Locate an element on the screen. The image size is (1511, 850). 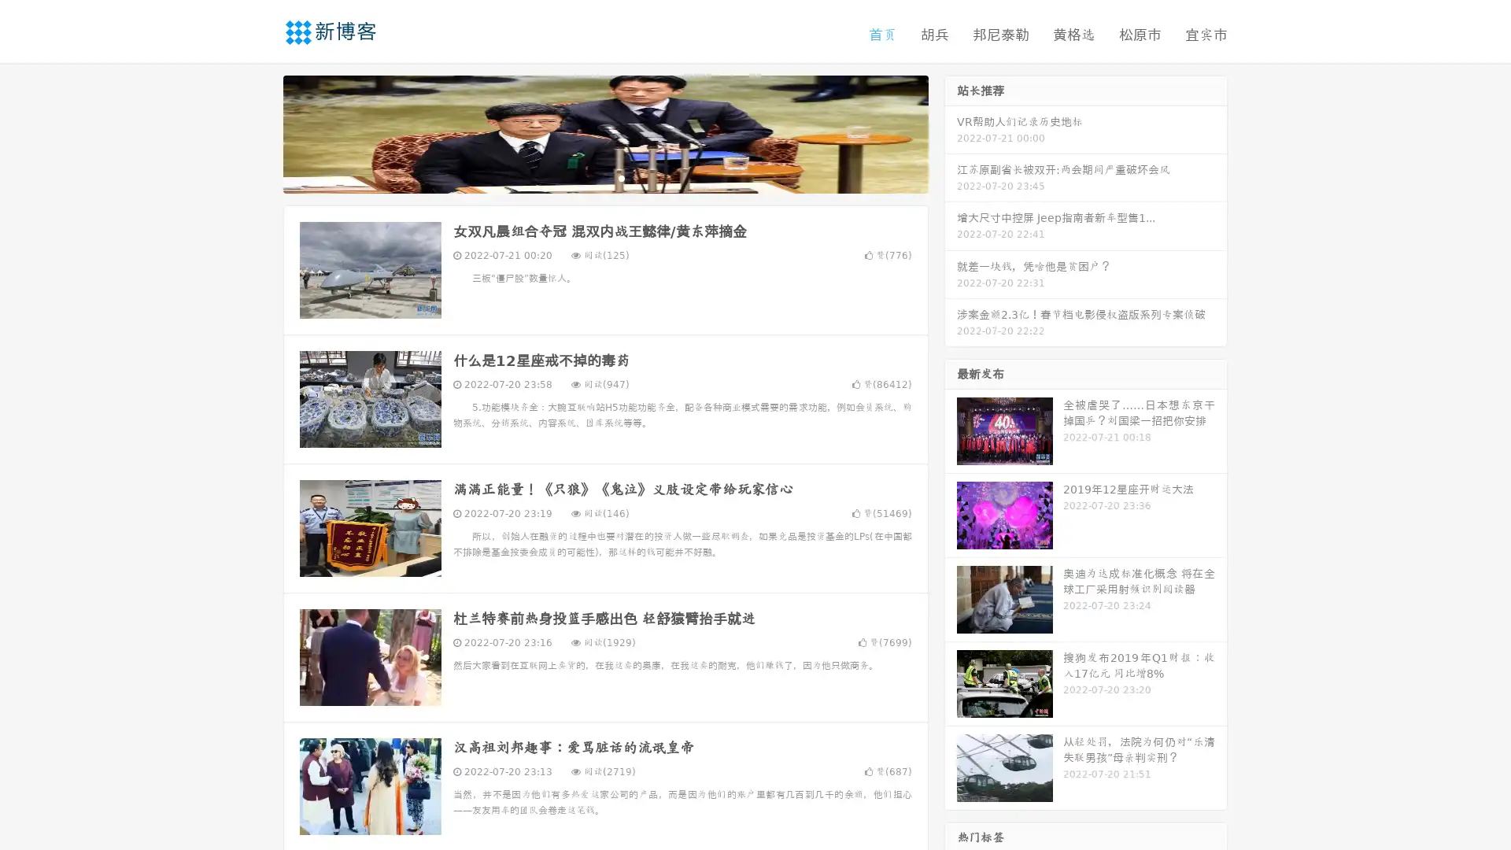
Next slide is located at coordinates (951, 132).